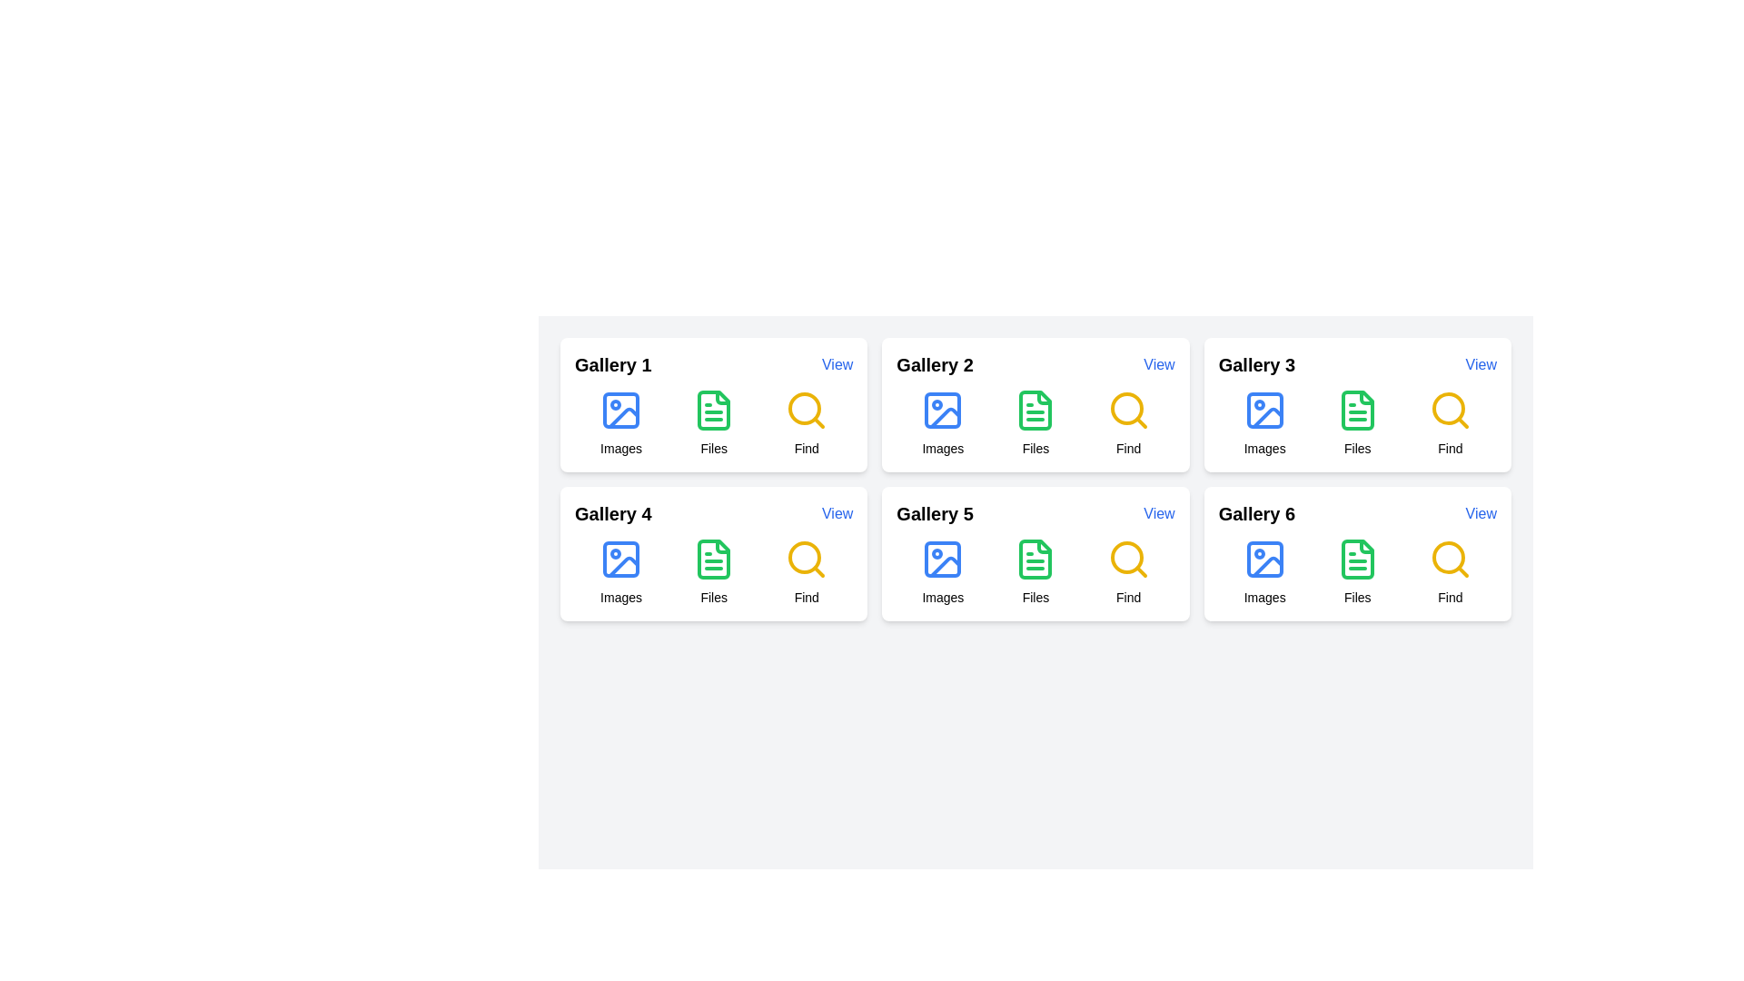  Describe the element at coordinates (613, 514) in the screenshot. I see `the static text label that identifies the gallery as 'Gallery 4', located in the second row, first column of the card layout` at that location.